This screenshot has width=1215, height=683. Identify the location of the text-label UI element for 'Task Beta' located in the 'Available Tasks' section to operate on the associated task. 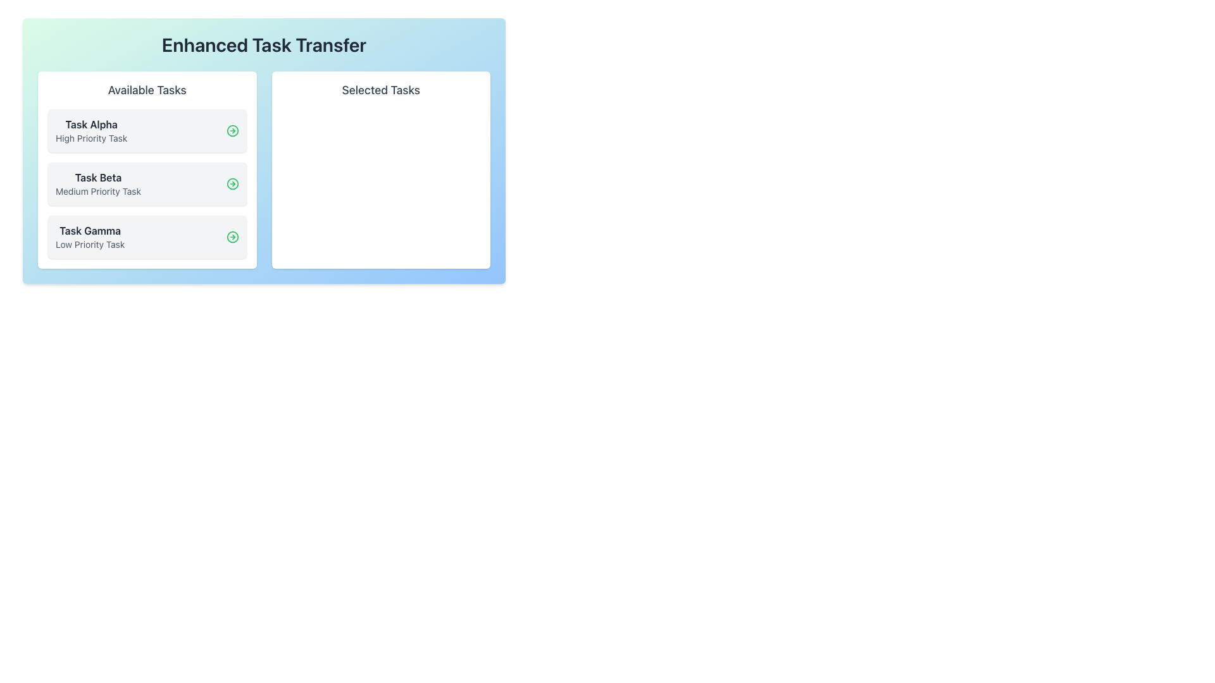
(97, 183).